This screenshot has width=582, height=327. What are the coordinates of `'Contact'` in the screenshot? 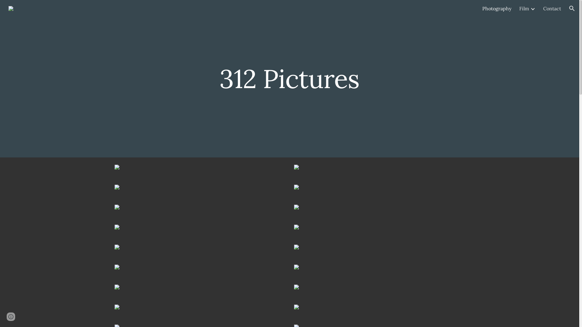 It's located at (552, 8).